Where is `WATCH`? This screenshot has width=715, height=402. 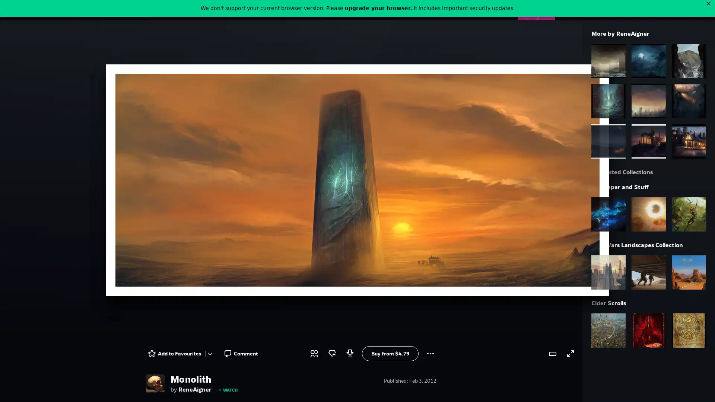 WATCH is located at coordinates (227, 389).